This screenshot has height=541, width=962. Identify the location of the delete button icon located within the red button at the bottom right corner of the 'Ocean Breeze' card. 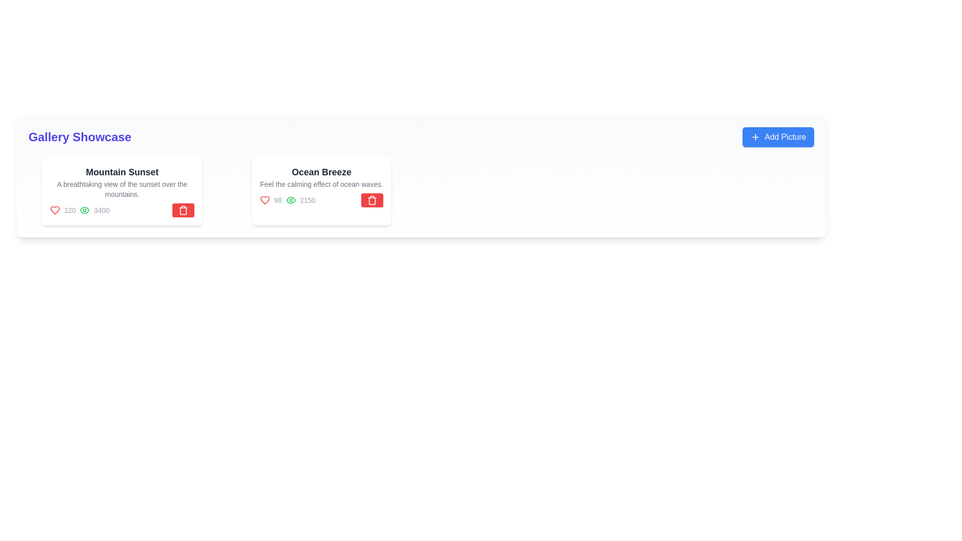
(371, 200).